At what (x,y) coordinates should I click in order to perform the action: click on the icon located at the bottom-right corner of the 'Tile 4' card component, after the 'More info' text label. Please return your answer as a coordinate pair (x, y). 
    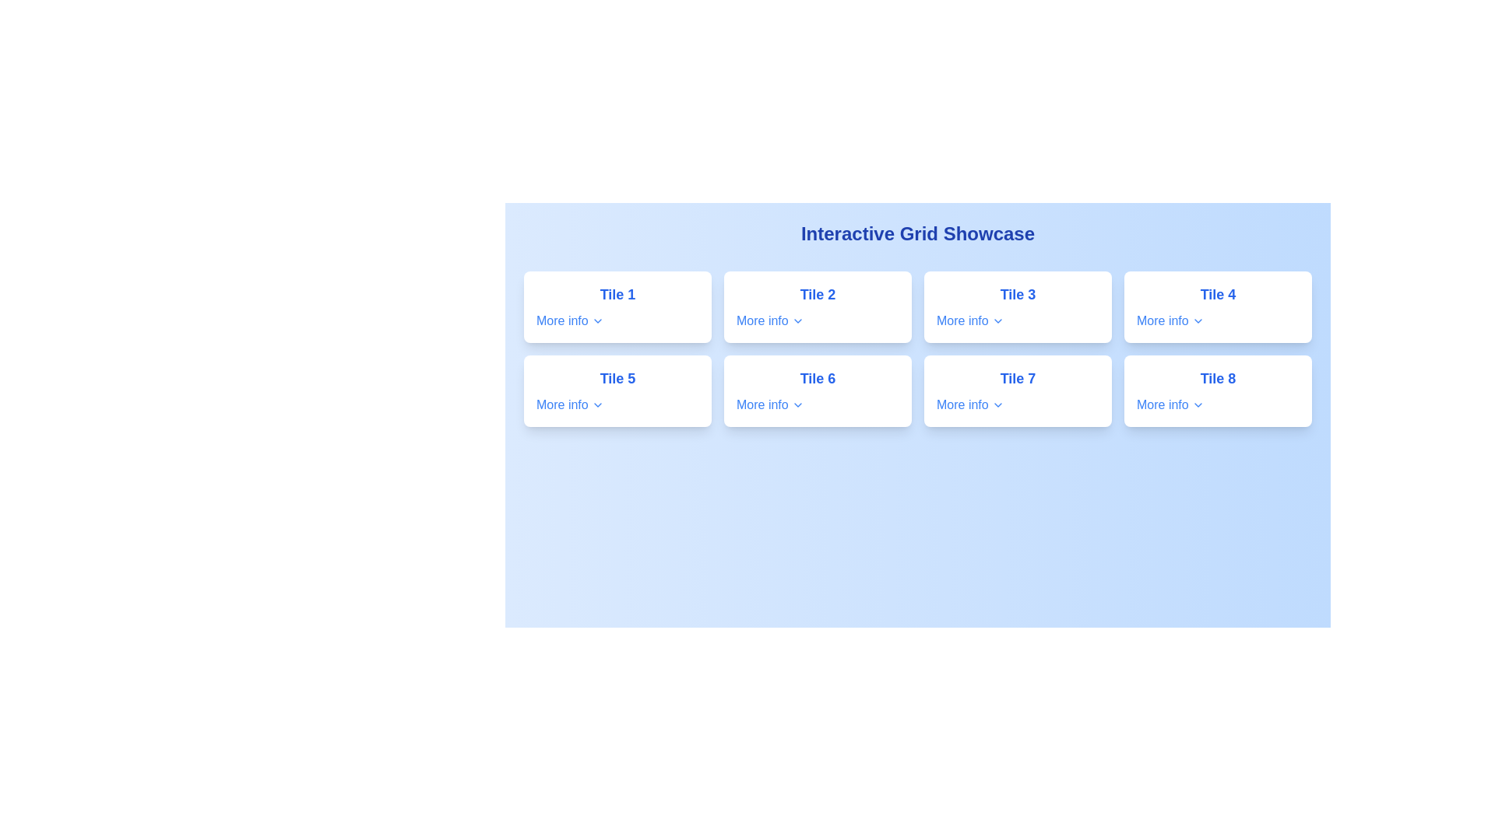
    Looking at the image, I should click on (1197, 320).